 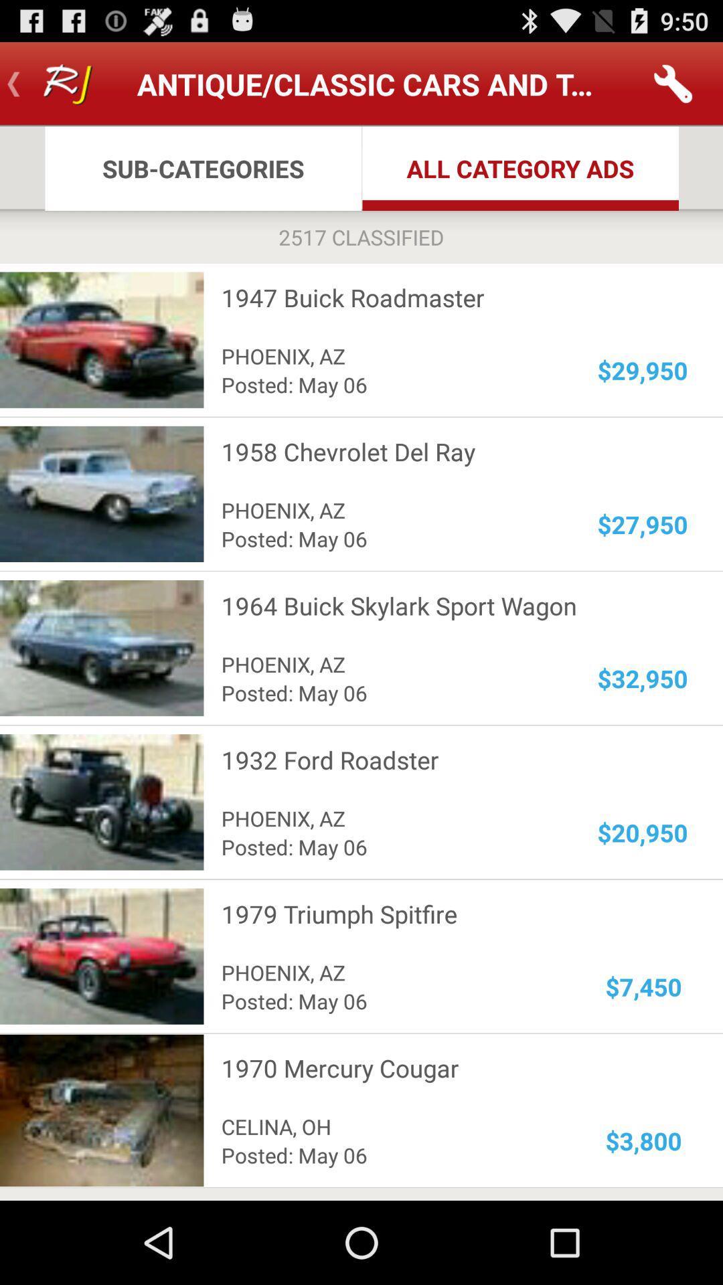 What do you see at coordinates (392, 1126) in the screenshot?
I see `the celina, oh item` at bounding box center [392, 1126].